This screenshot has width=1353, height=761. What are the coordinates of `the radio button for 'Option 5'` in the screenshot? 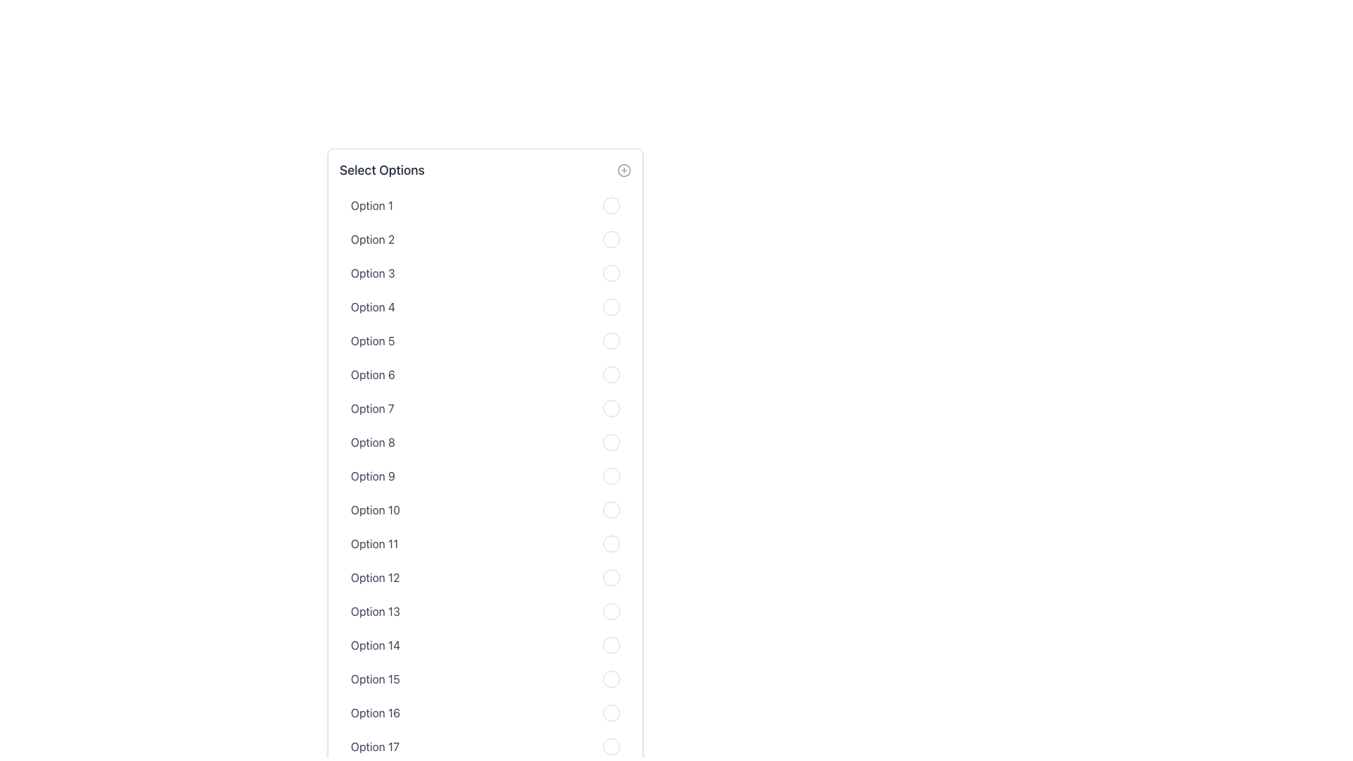 It's located at (612, 340).